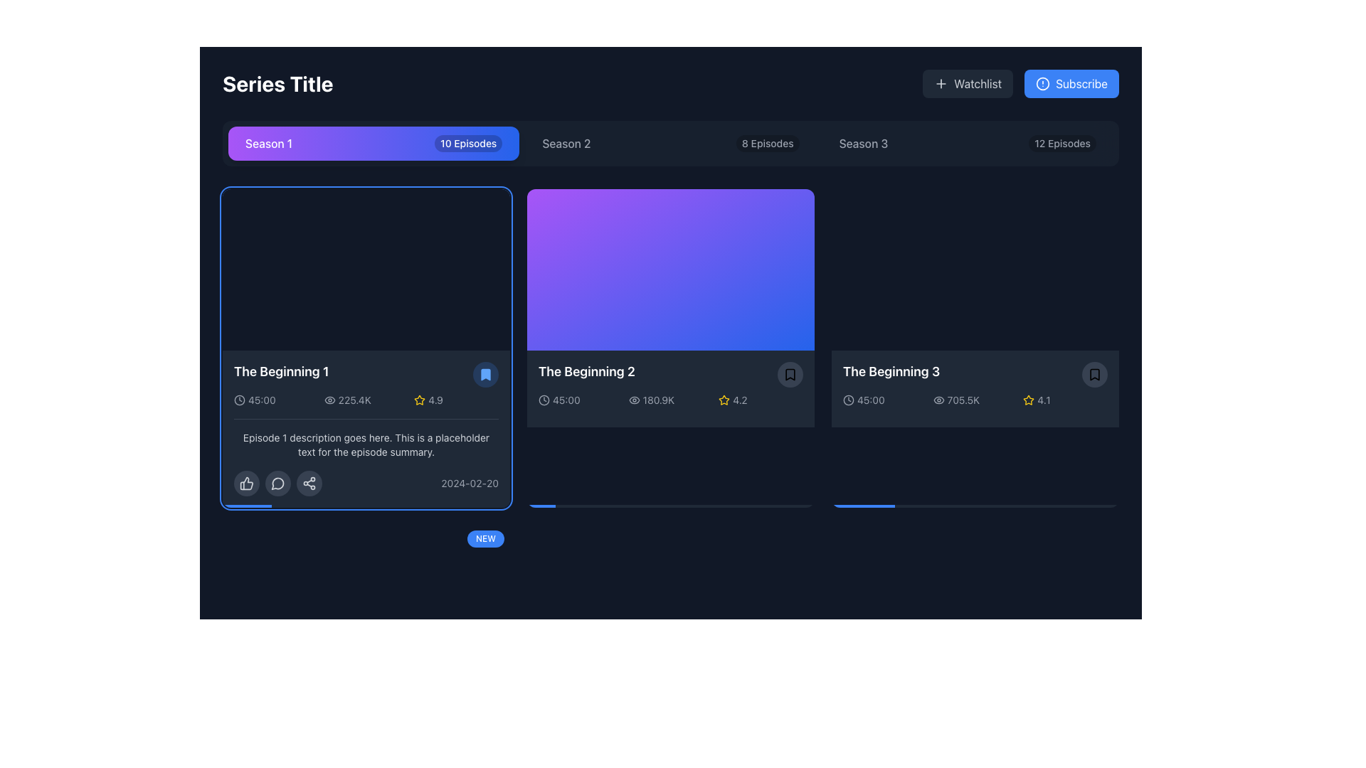  Describe the element at coordinates (277, 482) in the screenshot. I see `the circular gray speech bubble icon located at the bottom-left of the 'The Beginning 1' card` at that location.